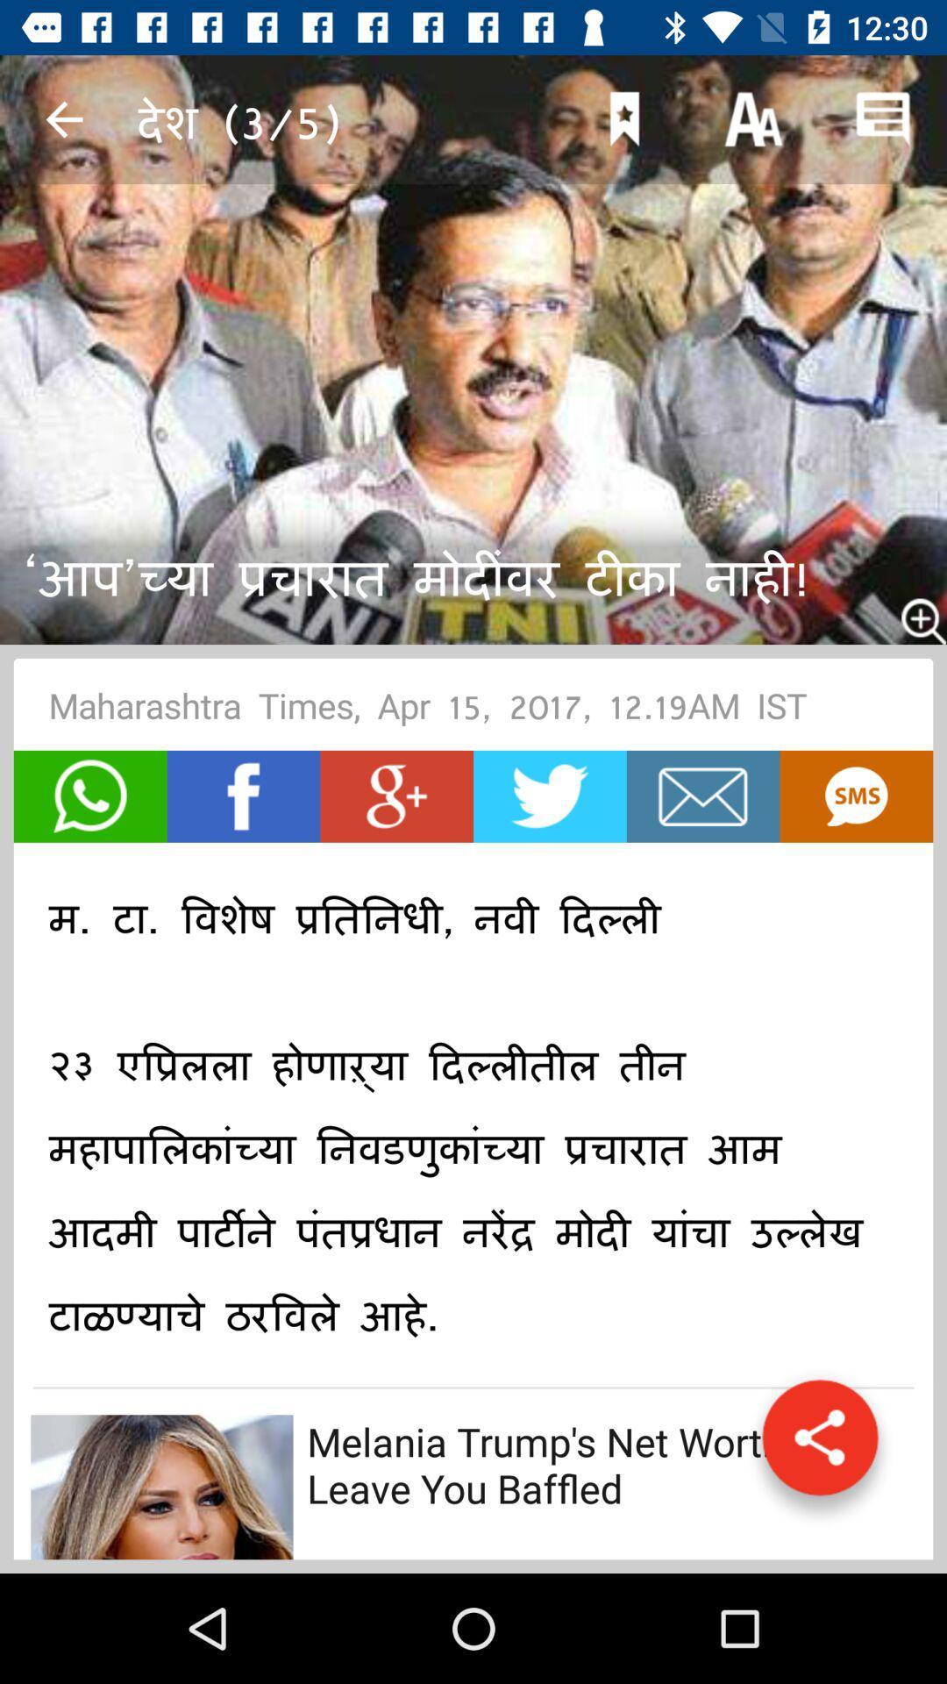  What do you see at coordinates (90, 796) in the screenshot?
I see `send message` at bounding box center [90, 796].